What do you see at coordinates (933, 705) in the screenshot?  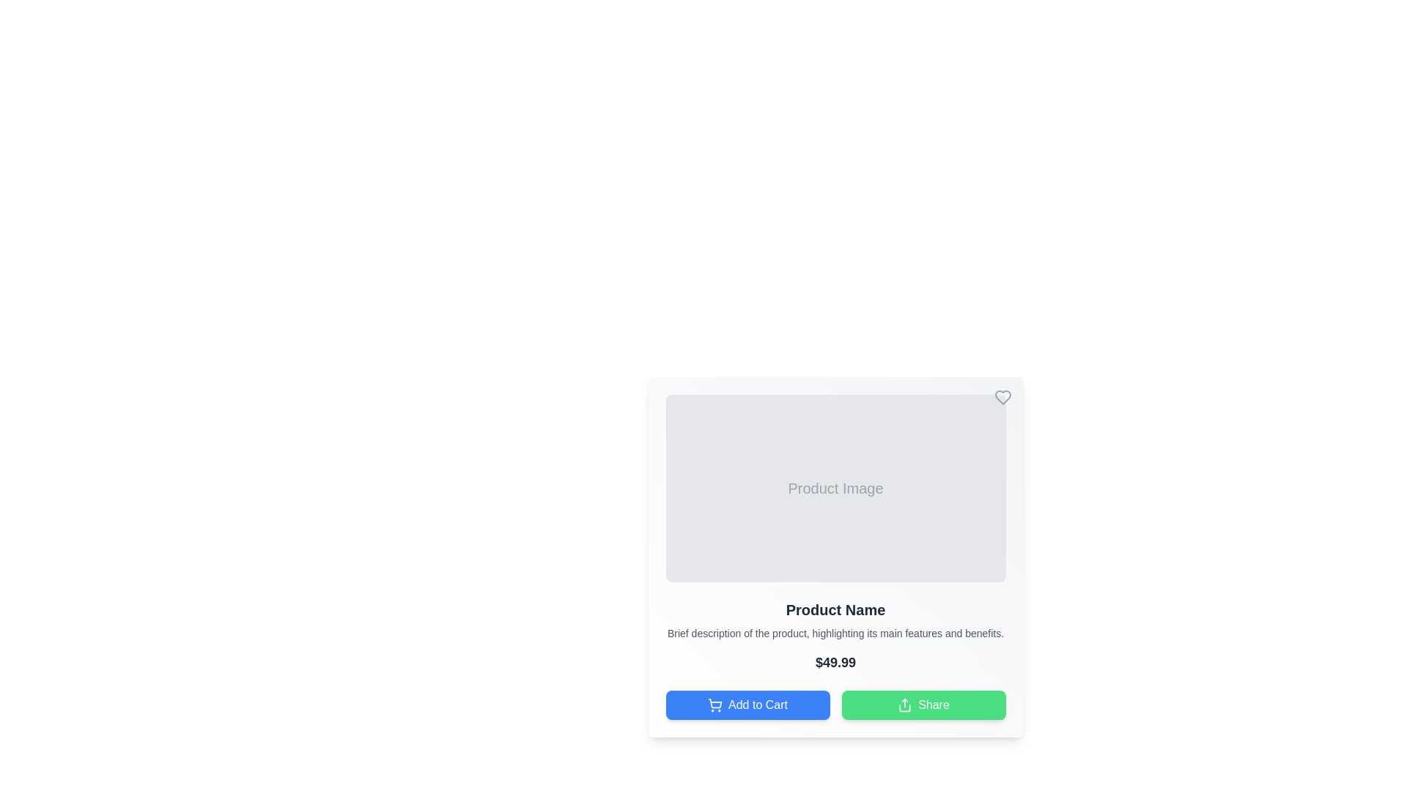 I see `the 'Share' text label, which is displayed in white within a green rounded rectangle` at bounding box center [933, 705].